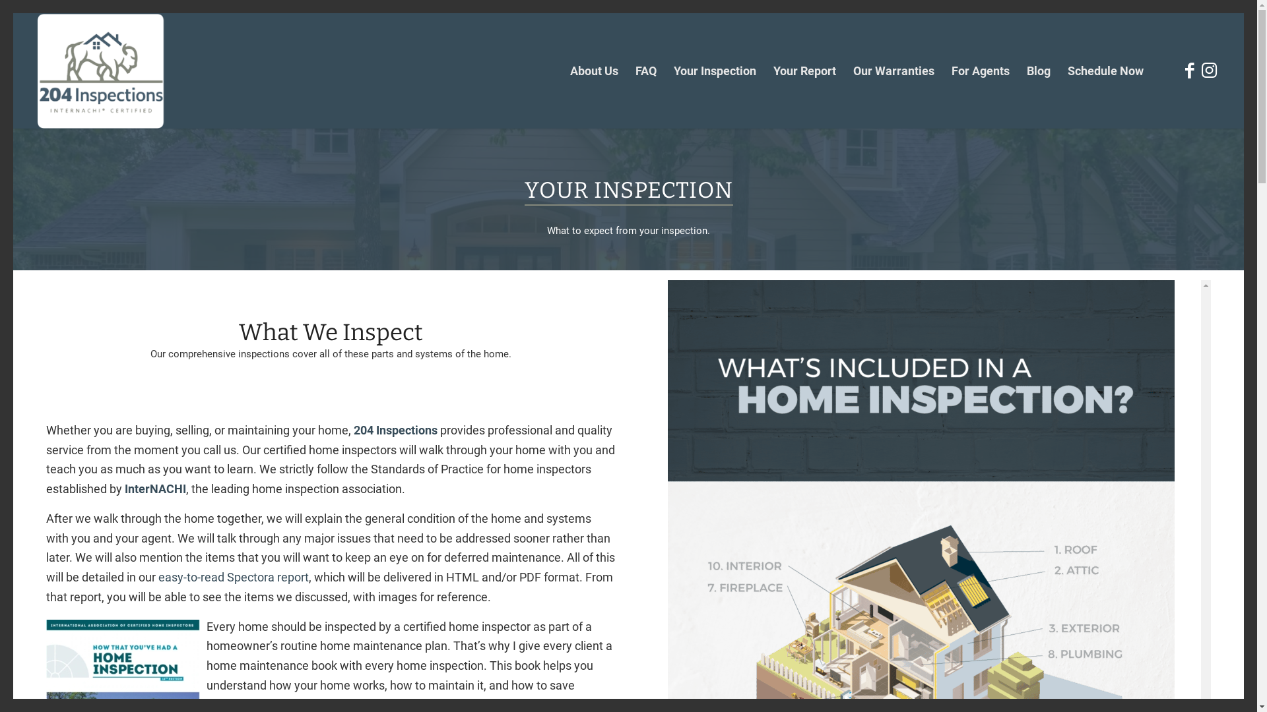 This screenshot has height=712, width=1267. Describe the element at coordinates (804, 71) in the screenshot. I see `'Your Report'` at that location.